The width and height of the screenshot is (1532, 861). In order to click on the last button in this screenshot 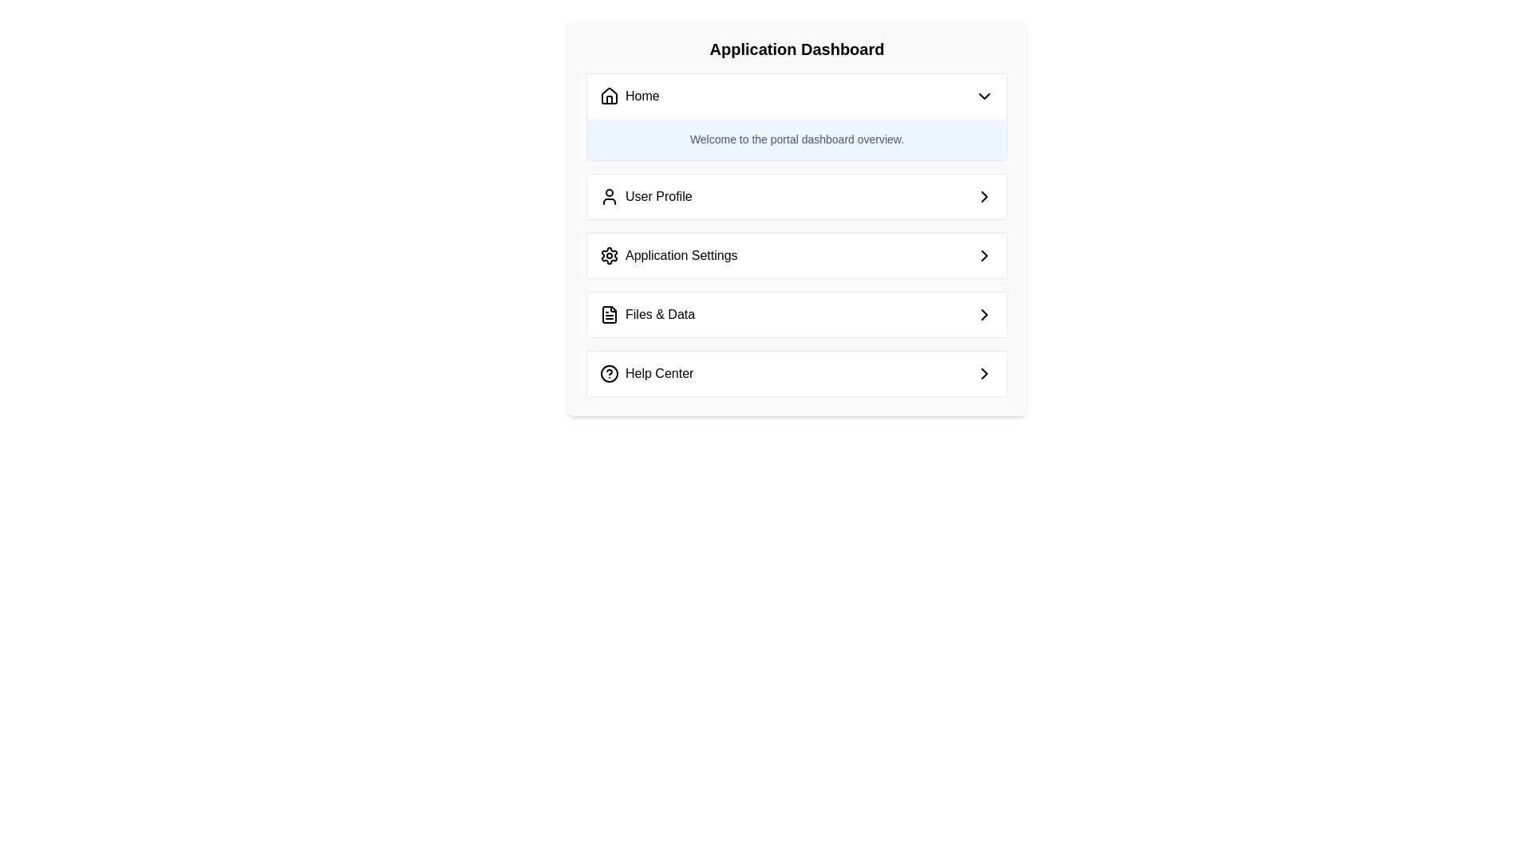, I will do `click(796, 374)`.